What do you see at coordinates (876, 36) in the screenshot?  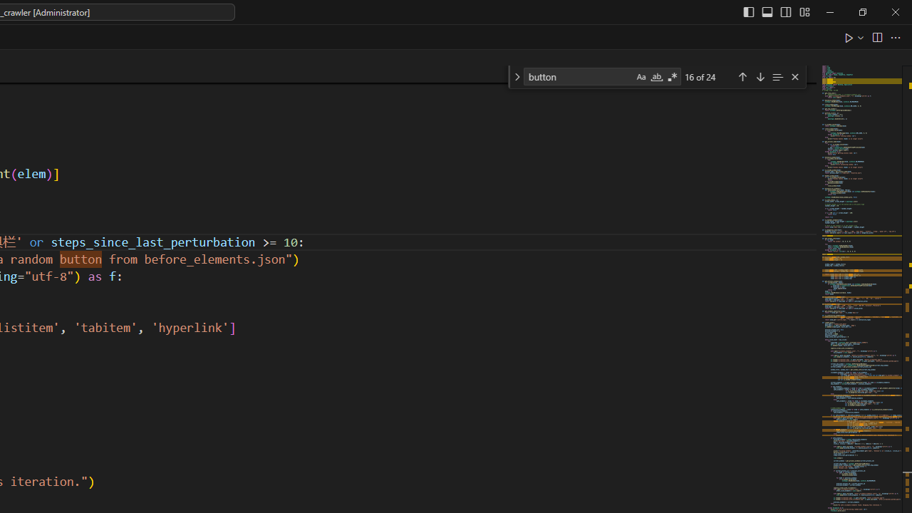 I see `'Split Editor Right (Ctrl+\) [Alt] Split Editor Down'` at bounding box center [876, 36].